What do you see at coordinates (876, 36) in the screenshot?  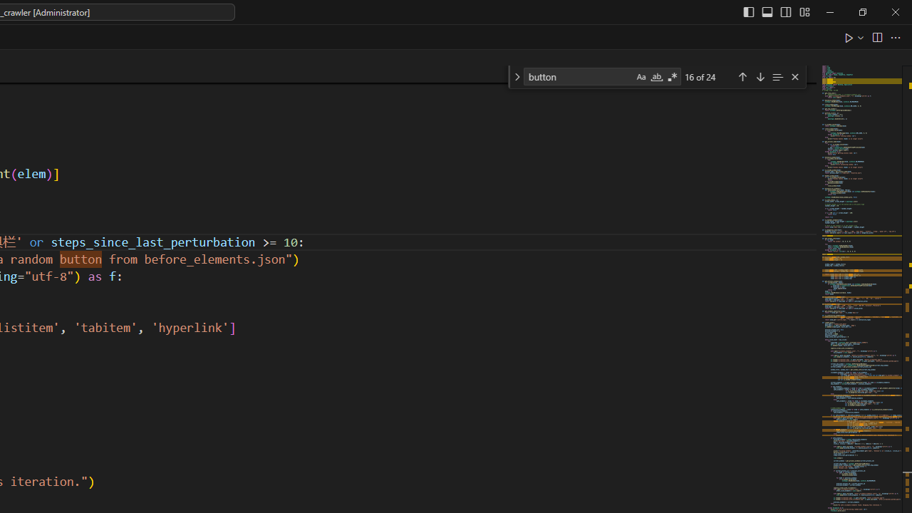 I see `'Split Editor Right (Ctrl+\) [Alt] Split Editor Down'` at bounding box center [876, 36].